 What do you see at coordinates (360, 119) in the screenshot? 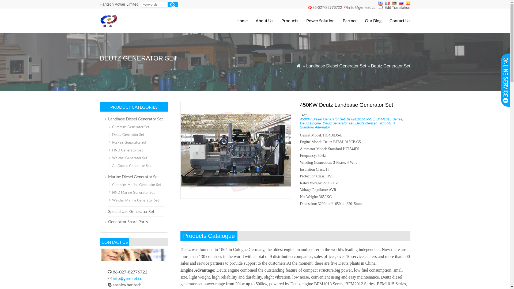
I see `'BF8M1015CP-G5'` at bounding box center [360, 119].